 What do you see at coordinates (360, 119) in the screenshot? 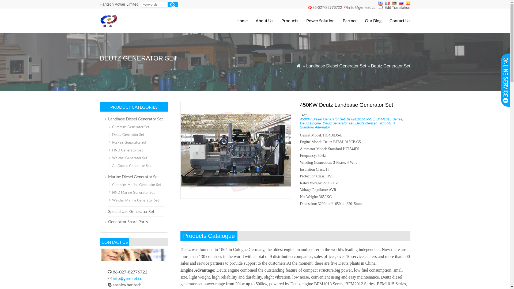
I see `'BF8M1015CP-G5'` at bounding box center [360, 119].